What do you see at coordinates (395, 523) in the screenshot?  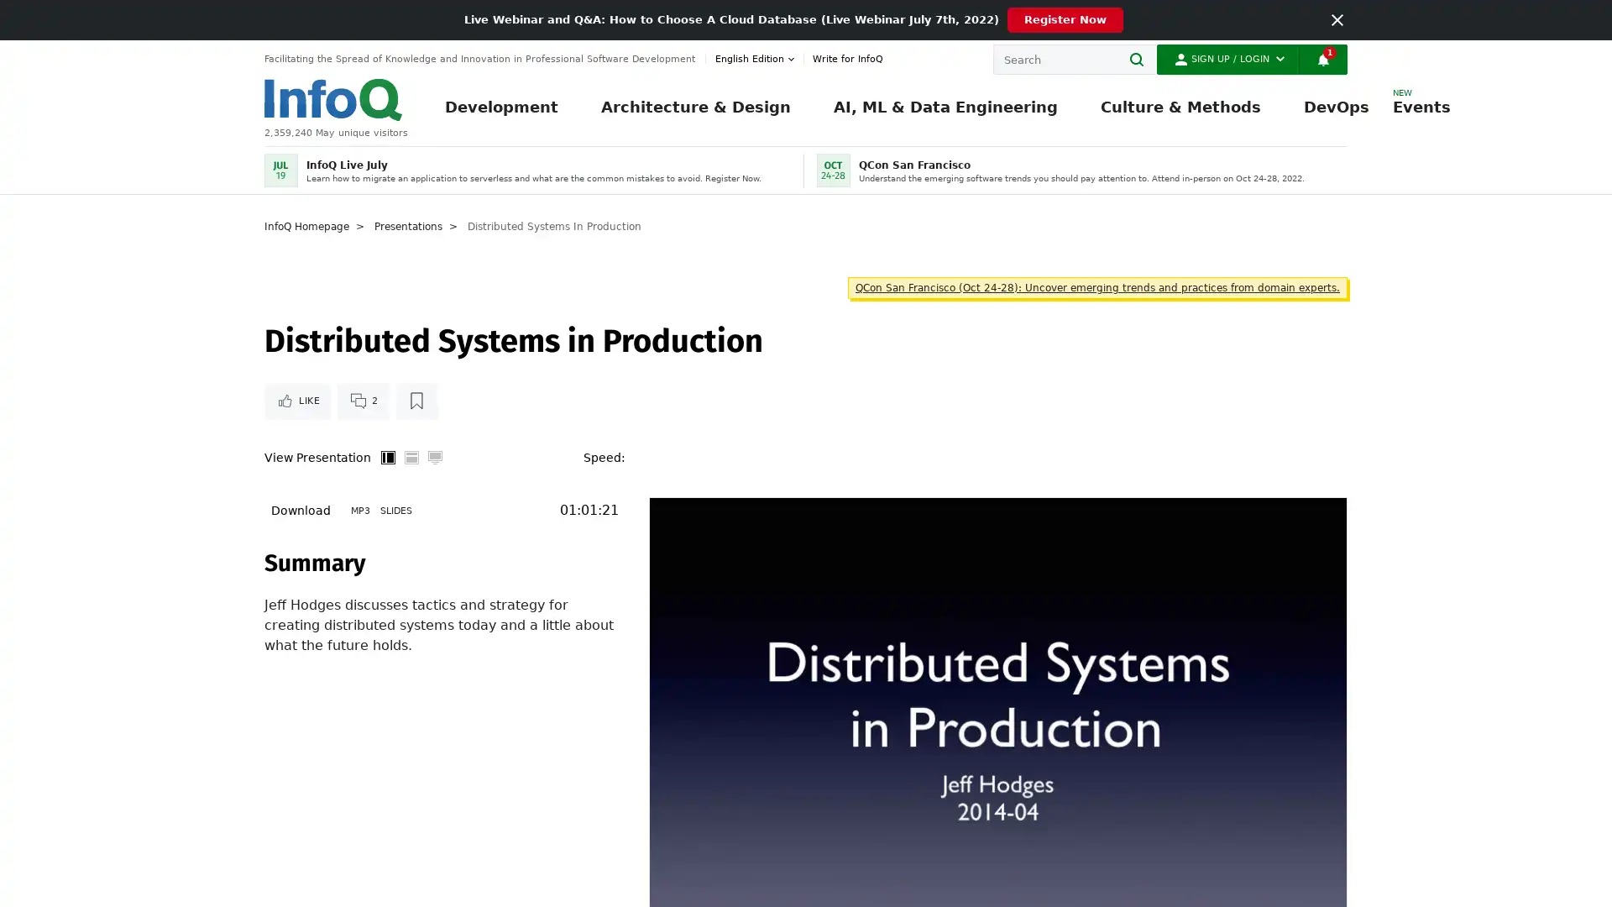 I see `Slides` at bounding box center [395, 523].